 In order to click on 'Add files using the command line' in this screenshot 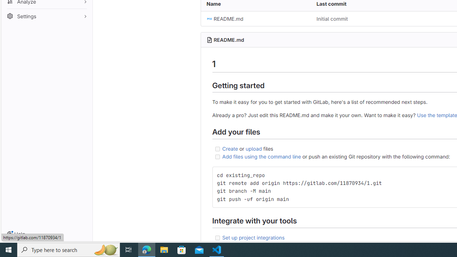, I will do `click(261, 156)`.